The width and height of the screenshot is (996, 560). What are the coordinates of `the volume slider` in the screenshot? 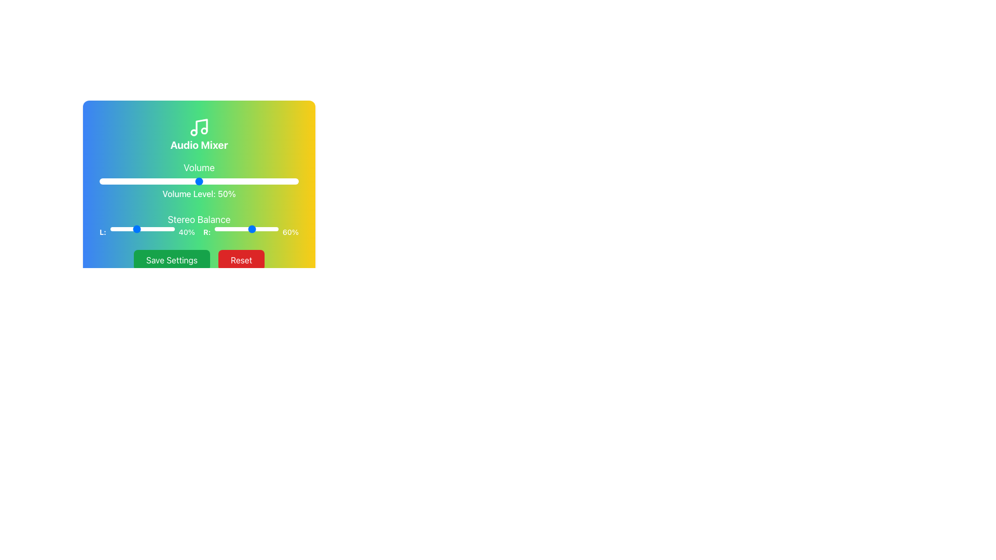 It's located at (232, 181).